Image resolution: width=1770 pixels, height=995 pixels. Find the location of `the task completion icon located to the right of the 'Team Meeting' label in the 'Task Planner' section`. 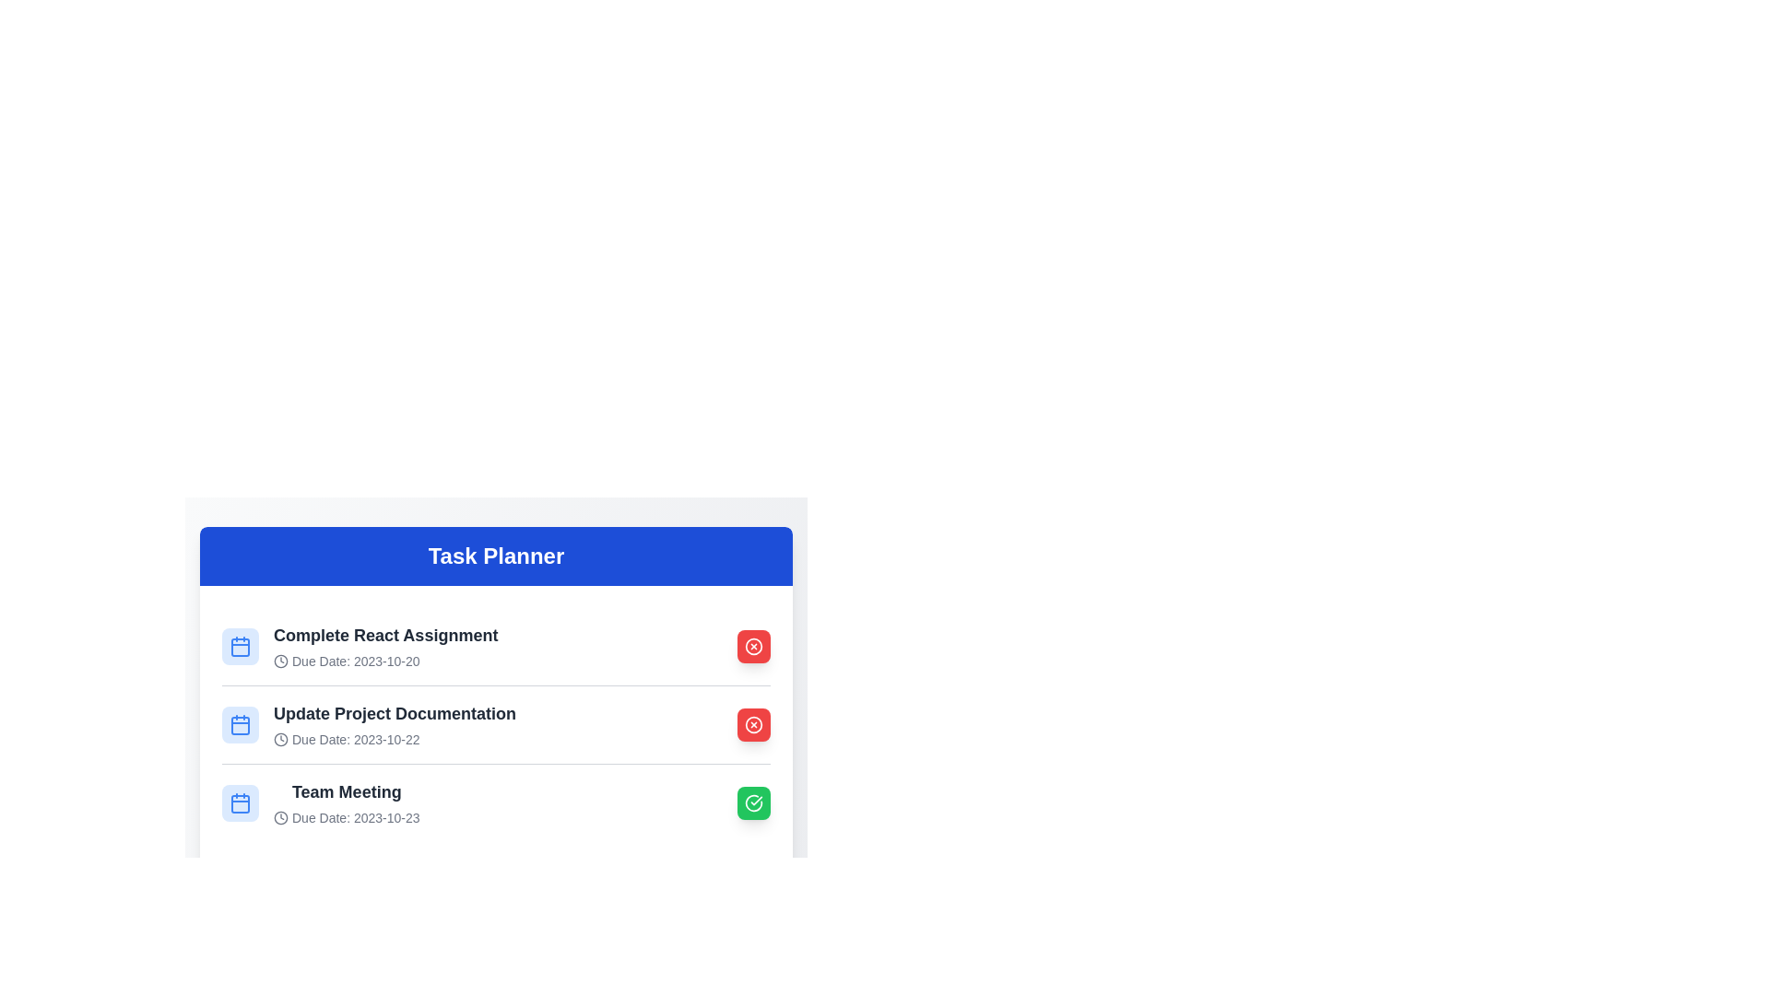

the task completion icon located to the right of the 'Team Meeting' label in the 'Task Planner' section is located at coordinates (753, 802).